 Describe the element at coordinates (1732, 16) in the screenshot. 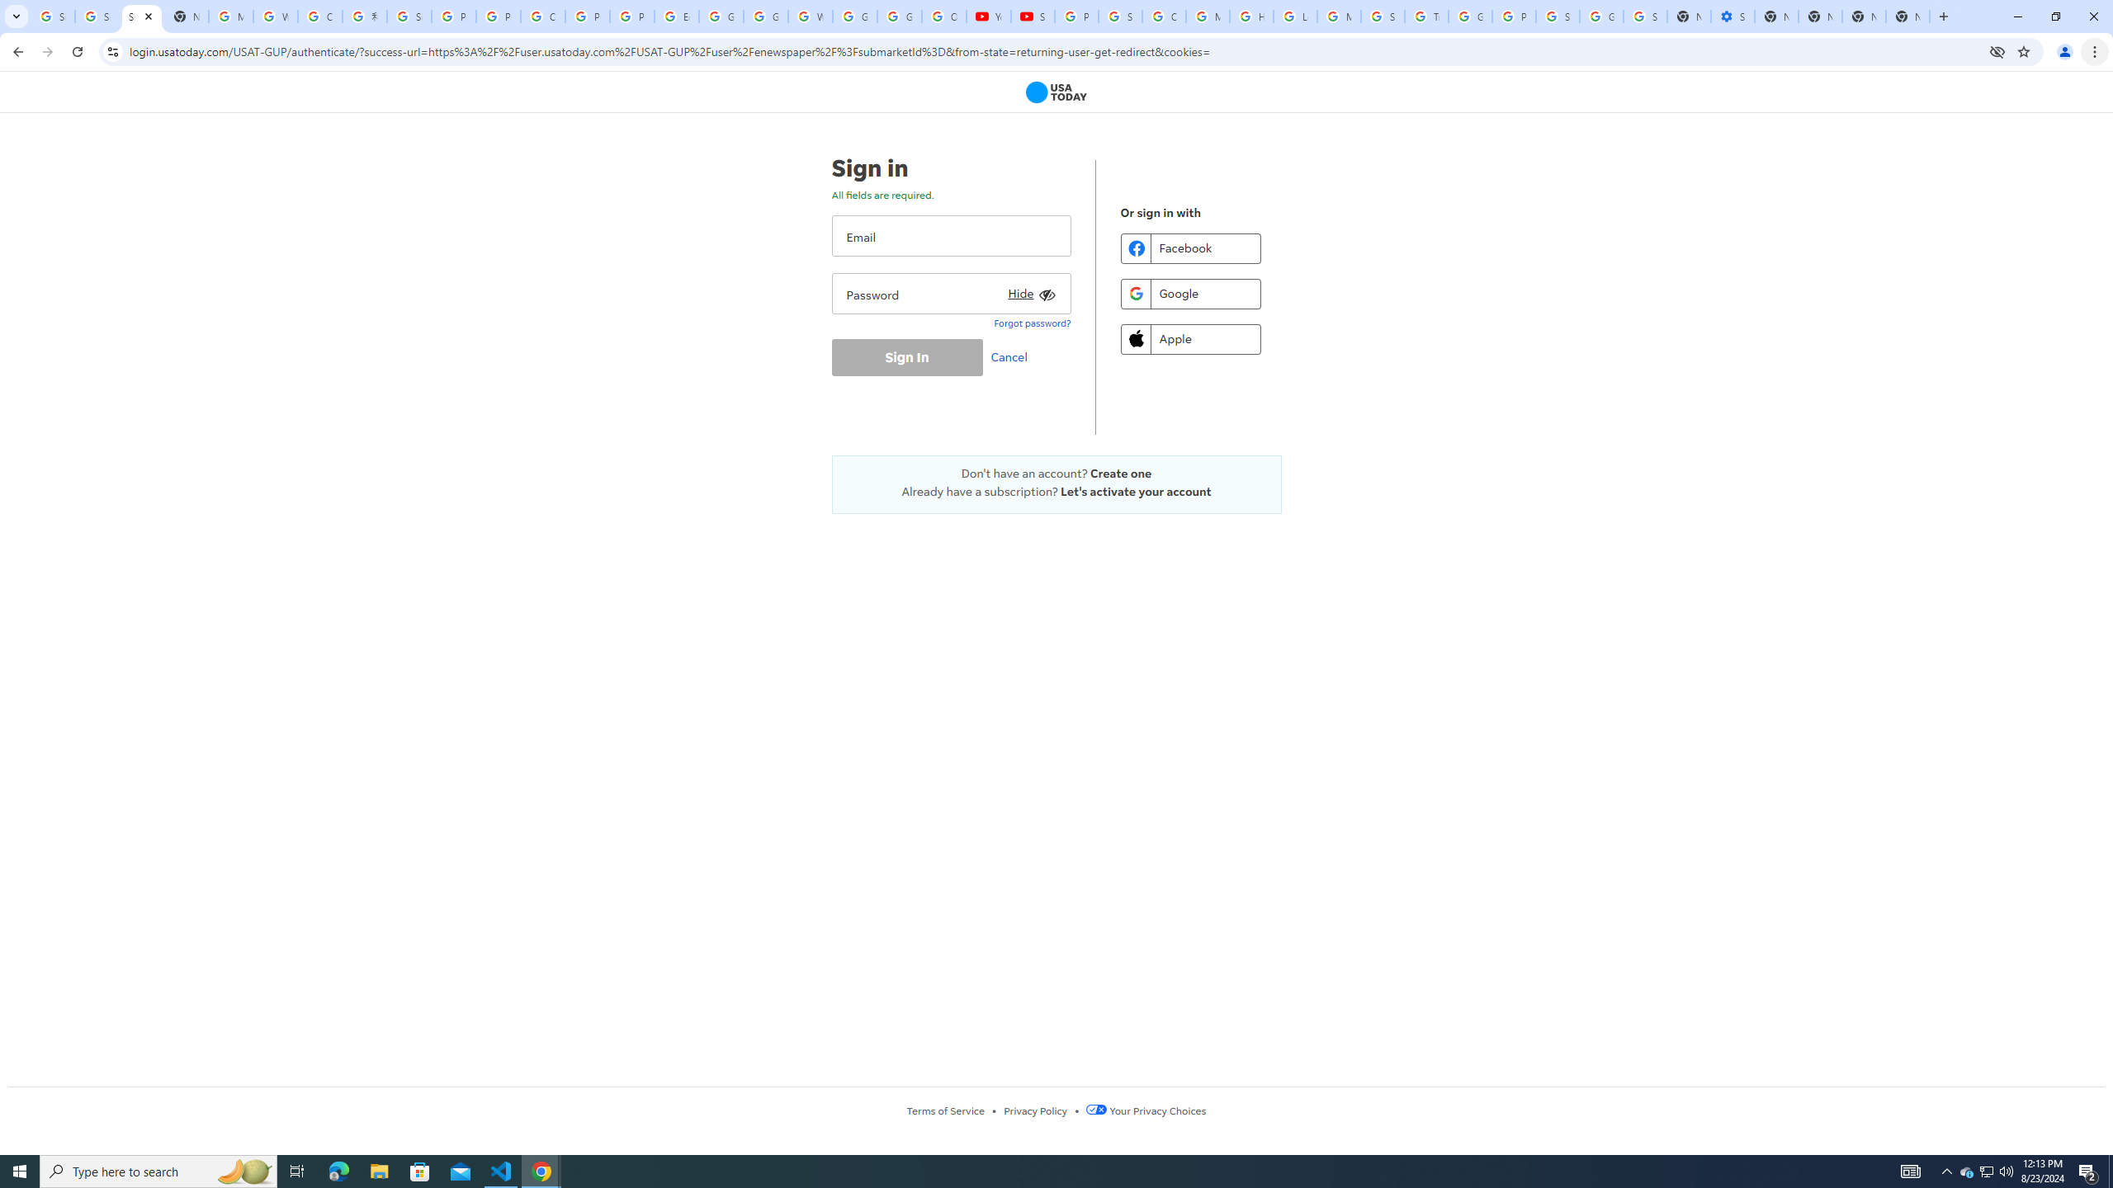

I see `'Settings - Performance'` at that location.